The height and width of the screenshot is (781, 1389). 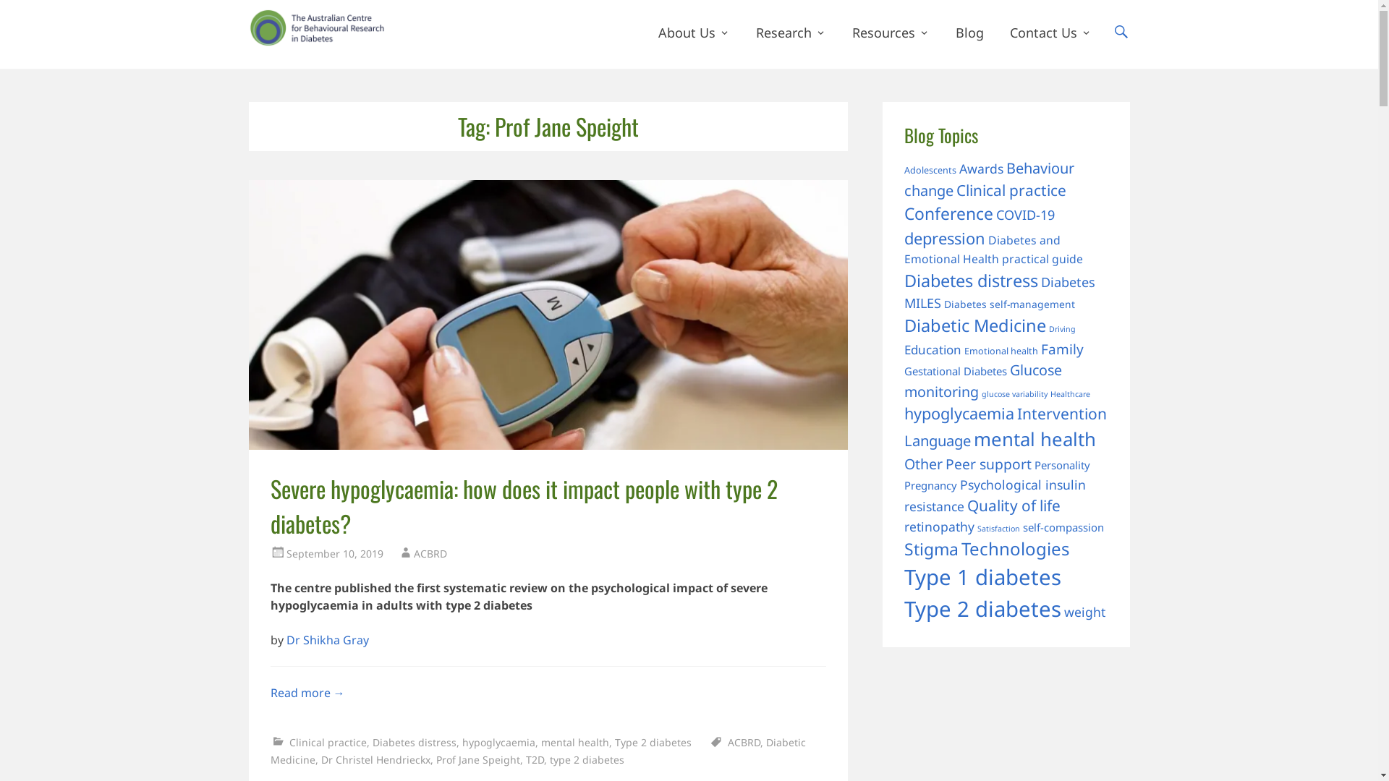 I want to click on 'Clinical practice', so click(x=327, y=742).